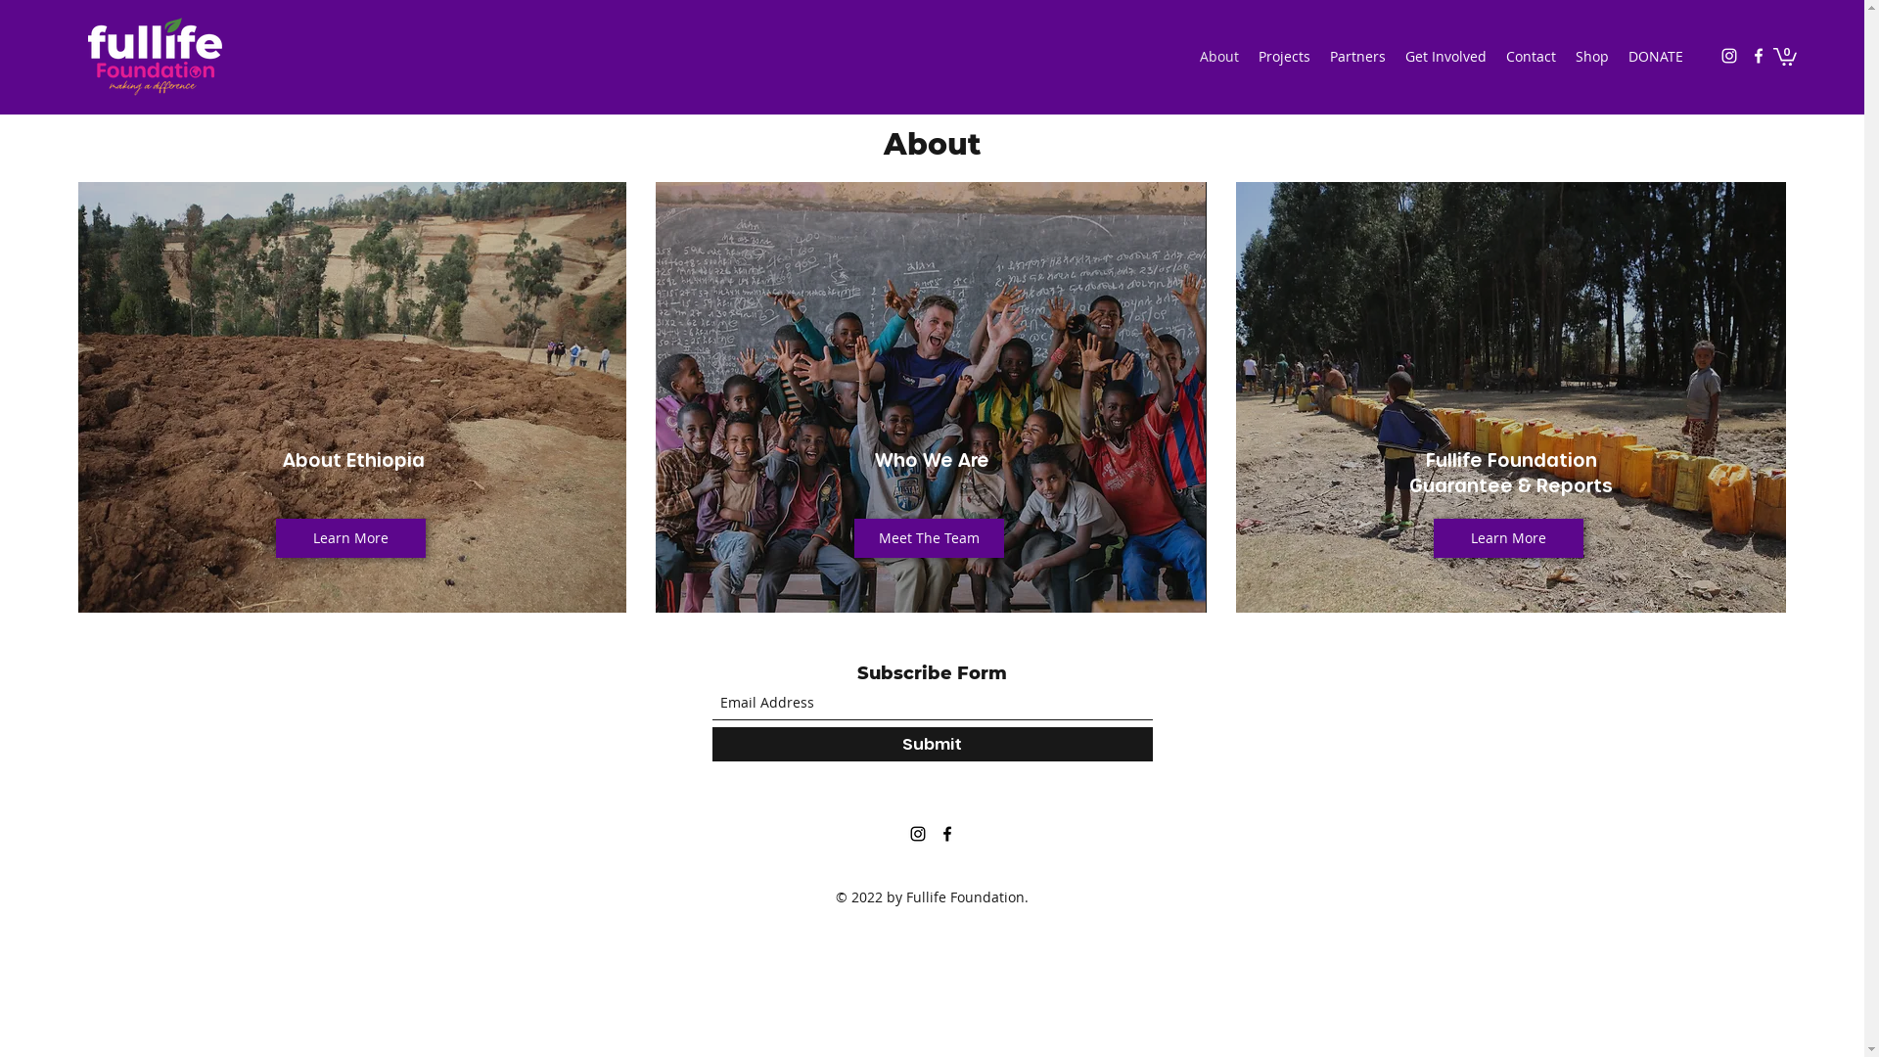  Describe the element at coordinates (928, 538) in the screenshot. I see `'Meet The Team'` at that location.